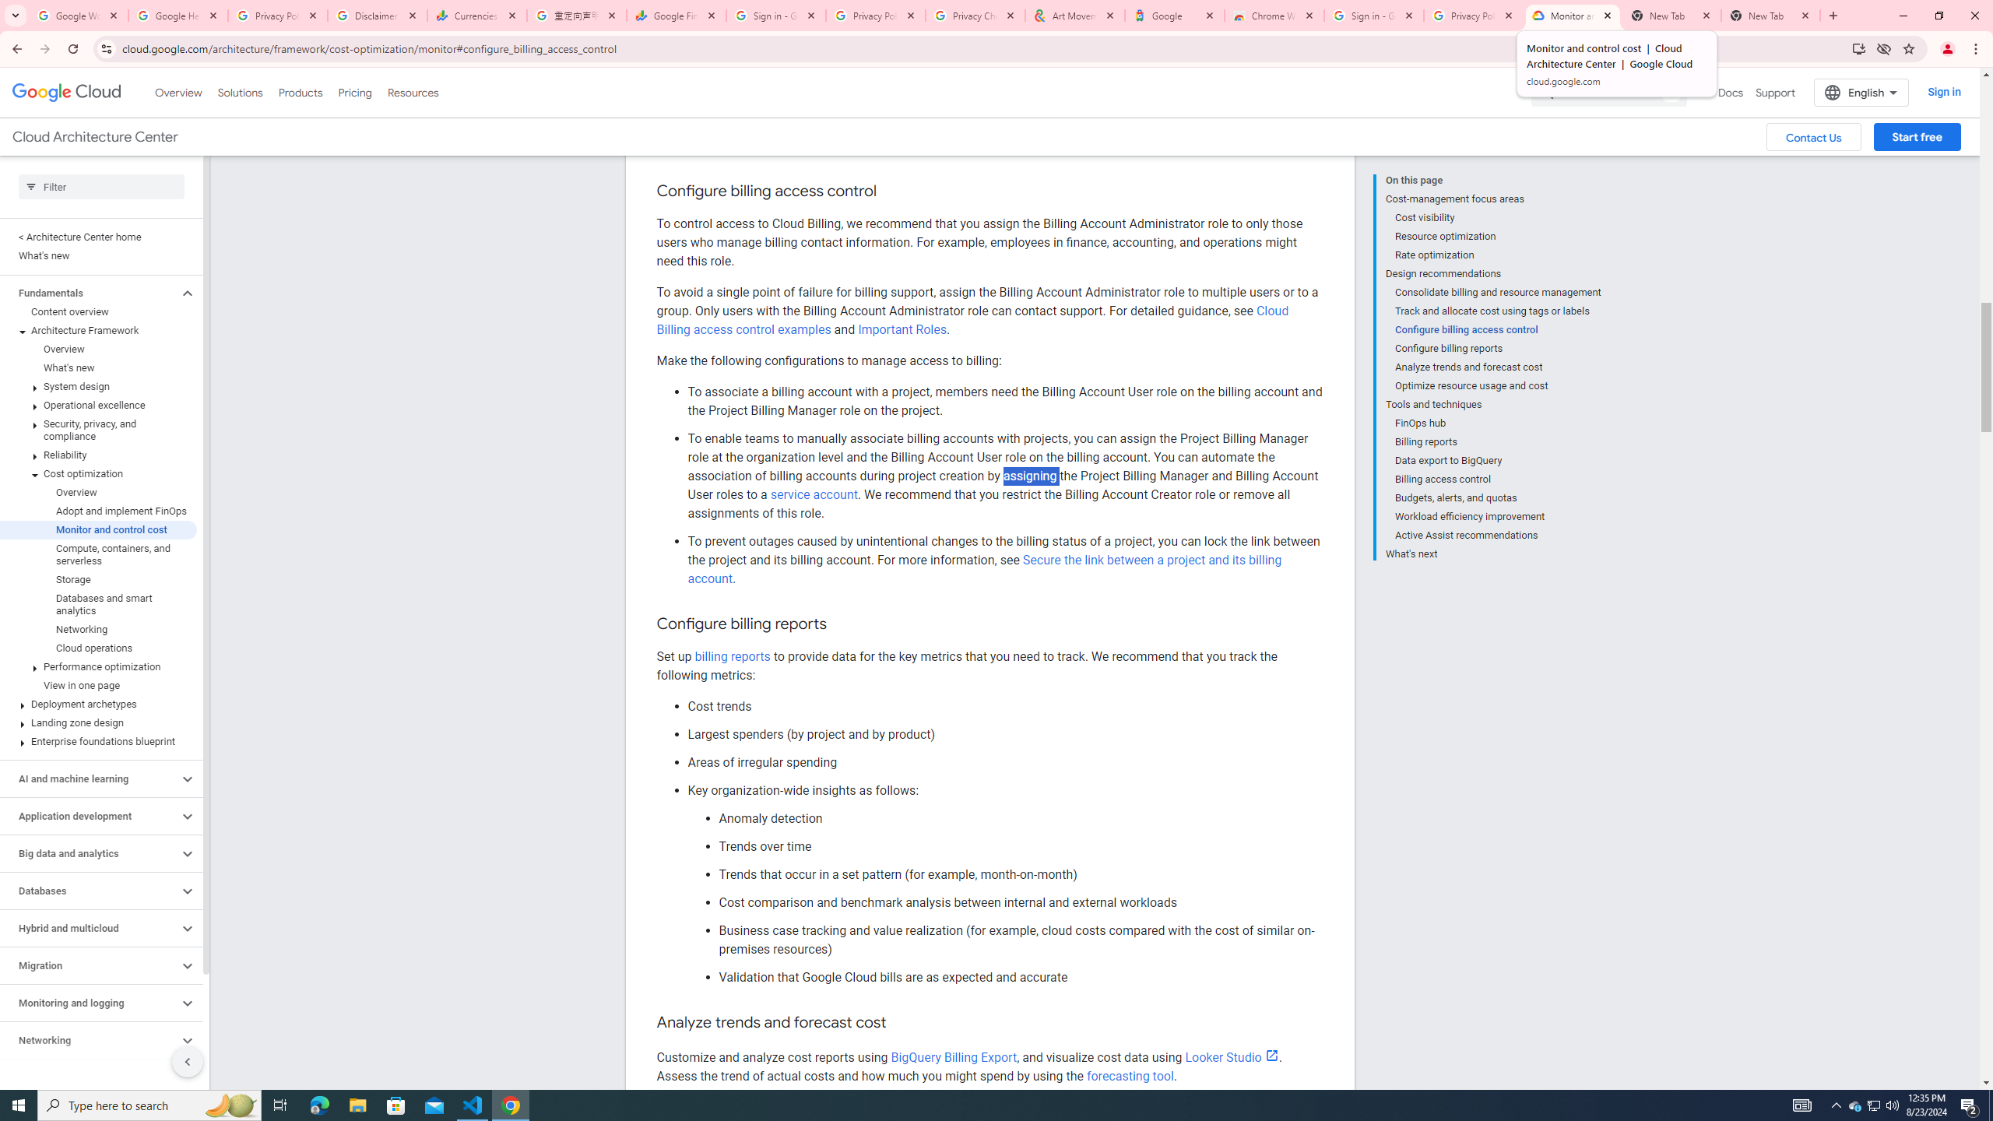 This screenshot has width=1993, height=1121. I want to click on 'Workload efficiency improvement', so click(1498, 515).